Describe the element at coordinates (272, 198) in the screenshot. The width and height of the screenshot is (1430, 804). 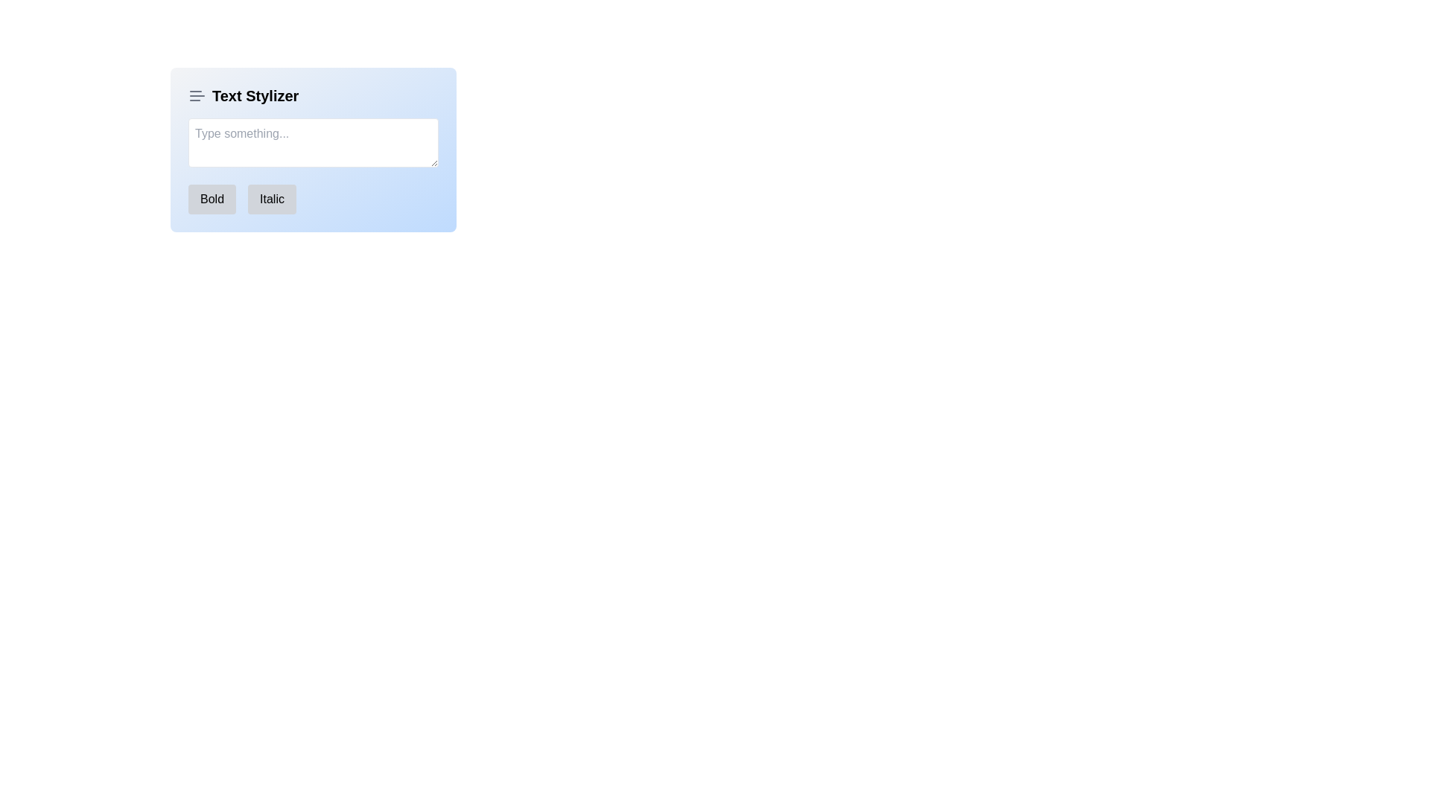
I see `the rounded button labeled 'Italic' with a gray background to apply an italic style` at that location.